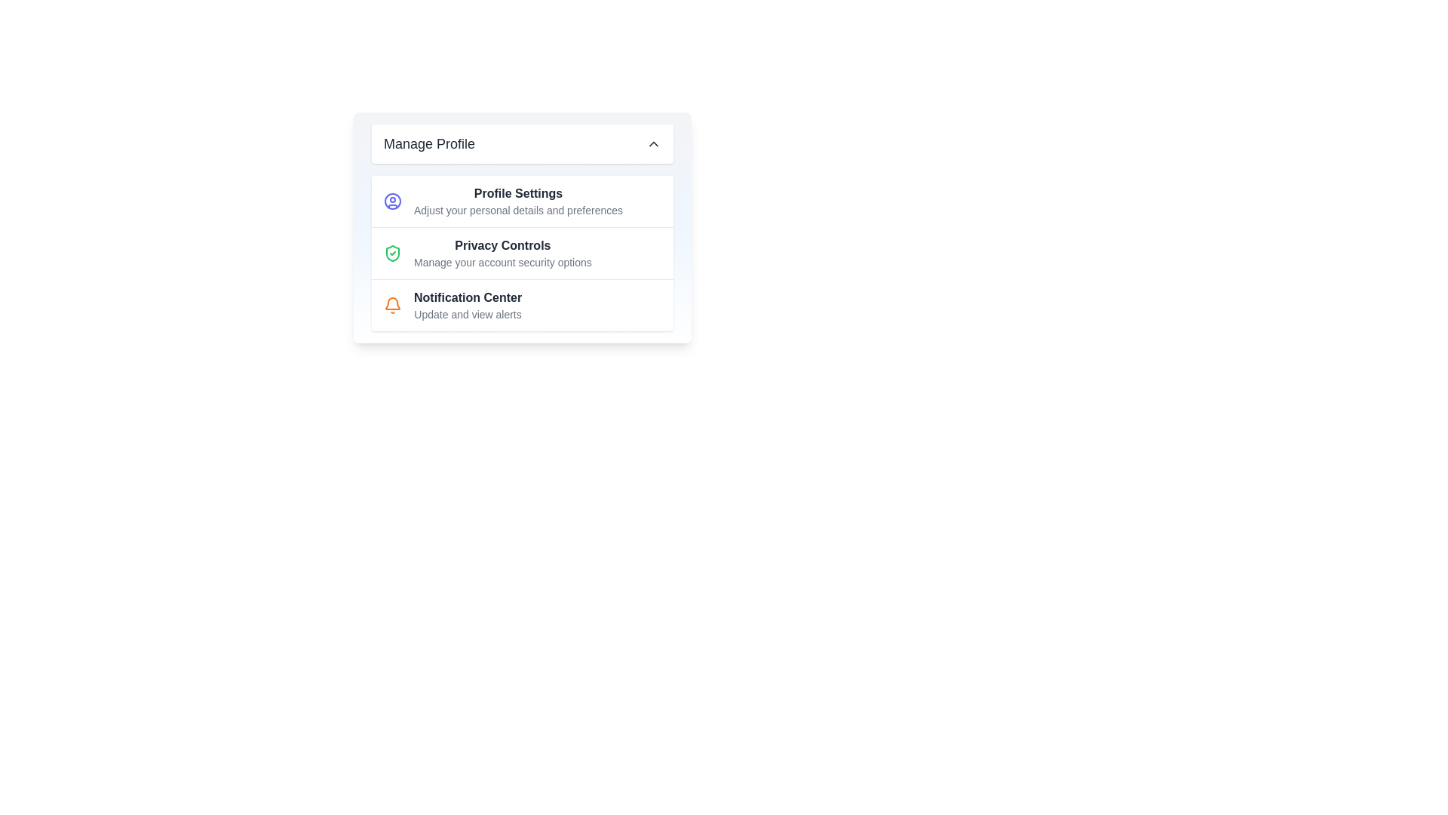 This screenshot has height=815, width=1448. What do you see at coordinates (502, 245) in the screenshot?
I see `the Text Label that serves as the header for the section, positioned above a smaller descriptive text block in a vertically stacked card layout` at bounding box center [502, 245].